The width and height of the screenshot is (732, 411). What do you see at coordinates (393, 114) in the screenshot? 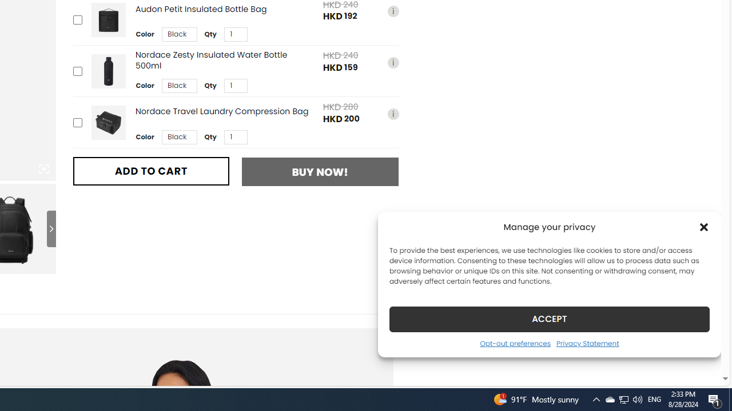
I see `'i'` at bounding box center [393, 114].